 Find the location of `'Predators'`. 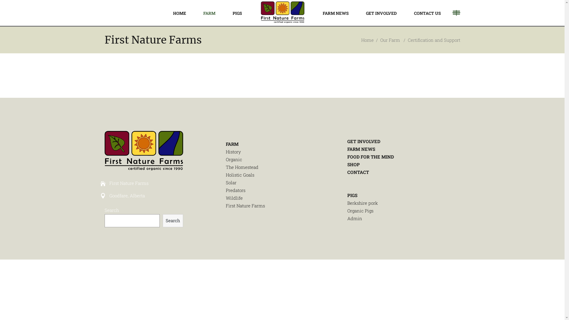

'Predators' is located at coordinates (226, 190).